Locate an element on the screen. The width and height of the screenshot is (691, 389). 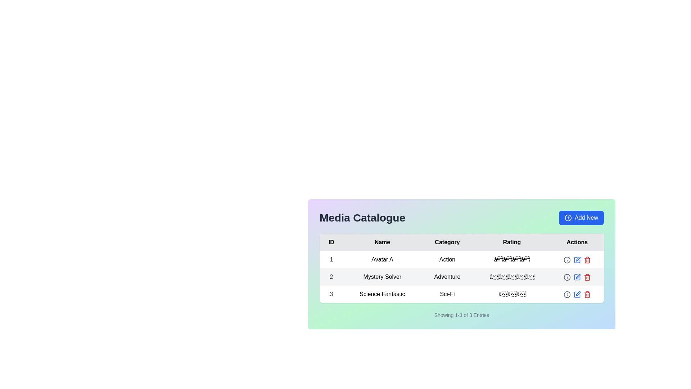
the trash can icon button in the 'Actions' column of the second row is located at coordinates (587, 277).